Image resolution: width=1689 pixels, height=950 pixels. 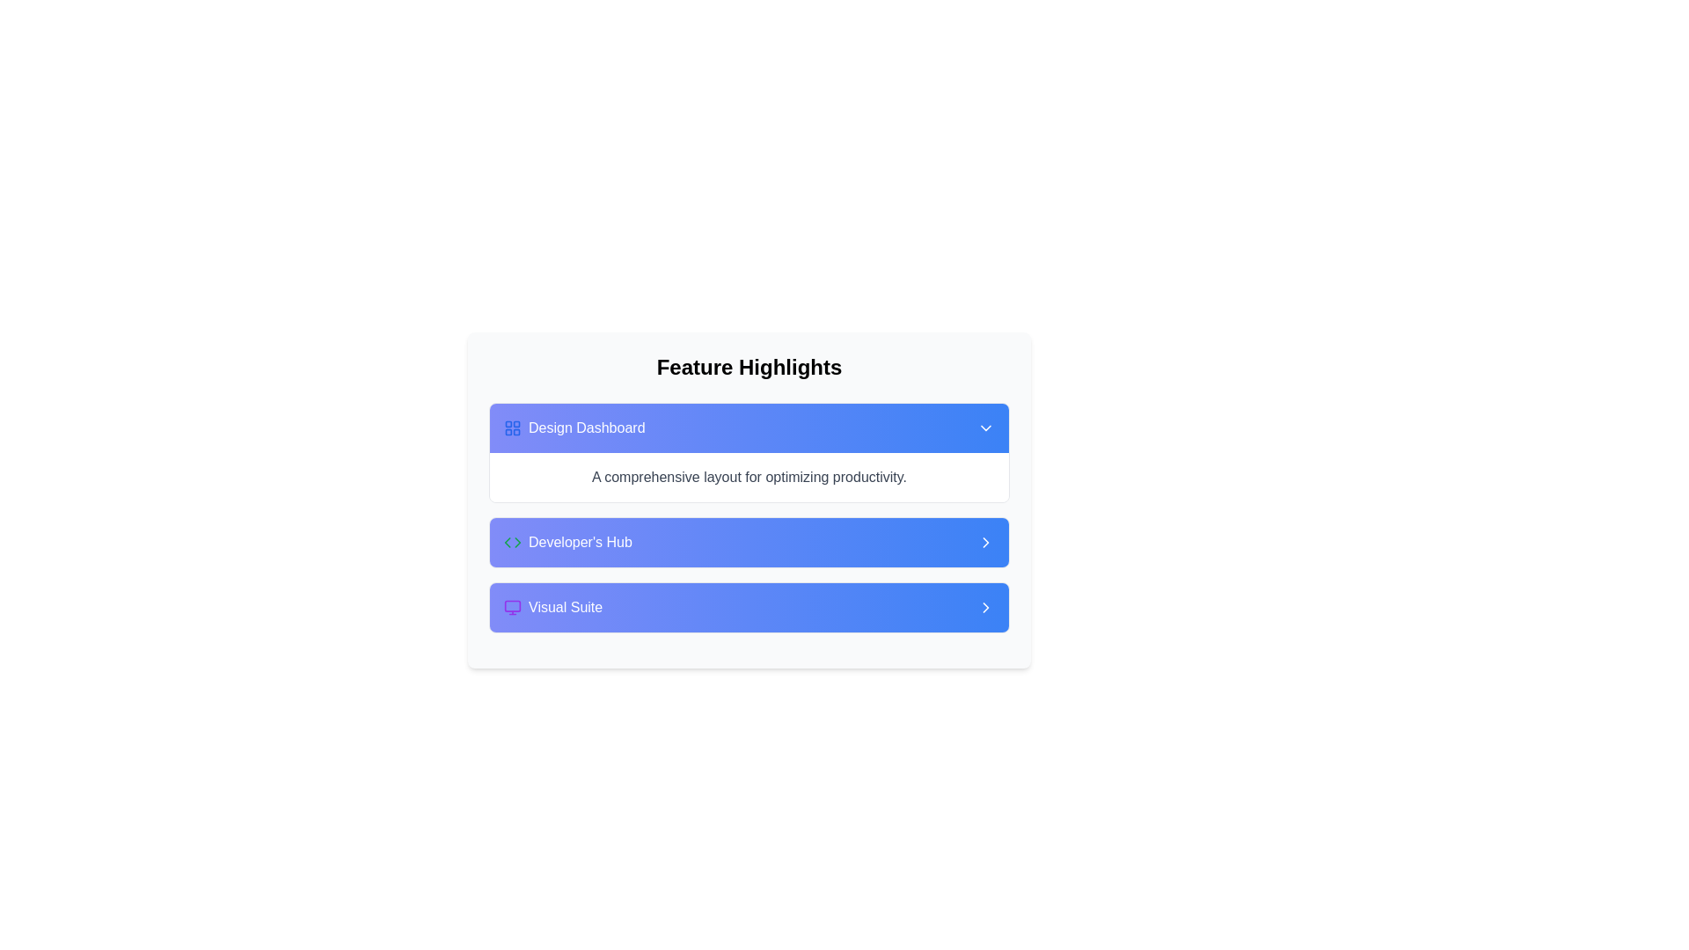 What do you see at coordinates (567, 542) in the screenshot?
I see `the 'Developer's Hub' navigation label, which is the second entry in a vertically arranged list, positioned below 'Design Dashboard' and above 'Visual Suite'` at bounding box center [567, 542].